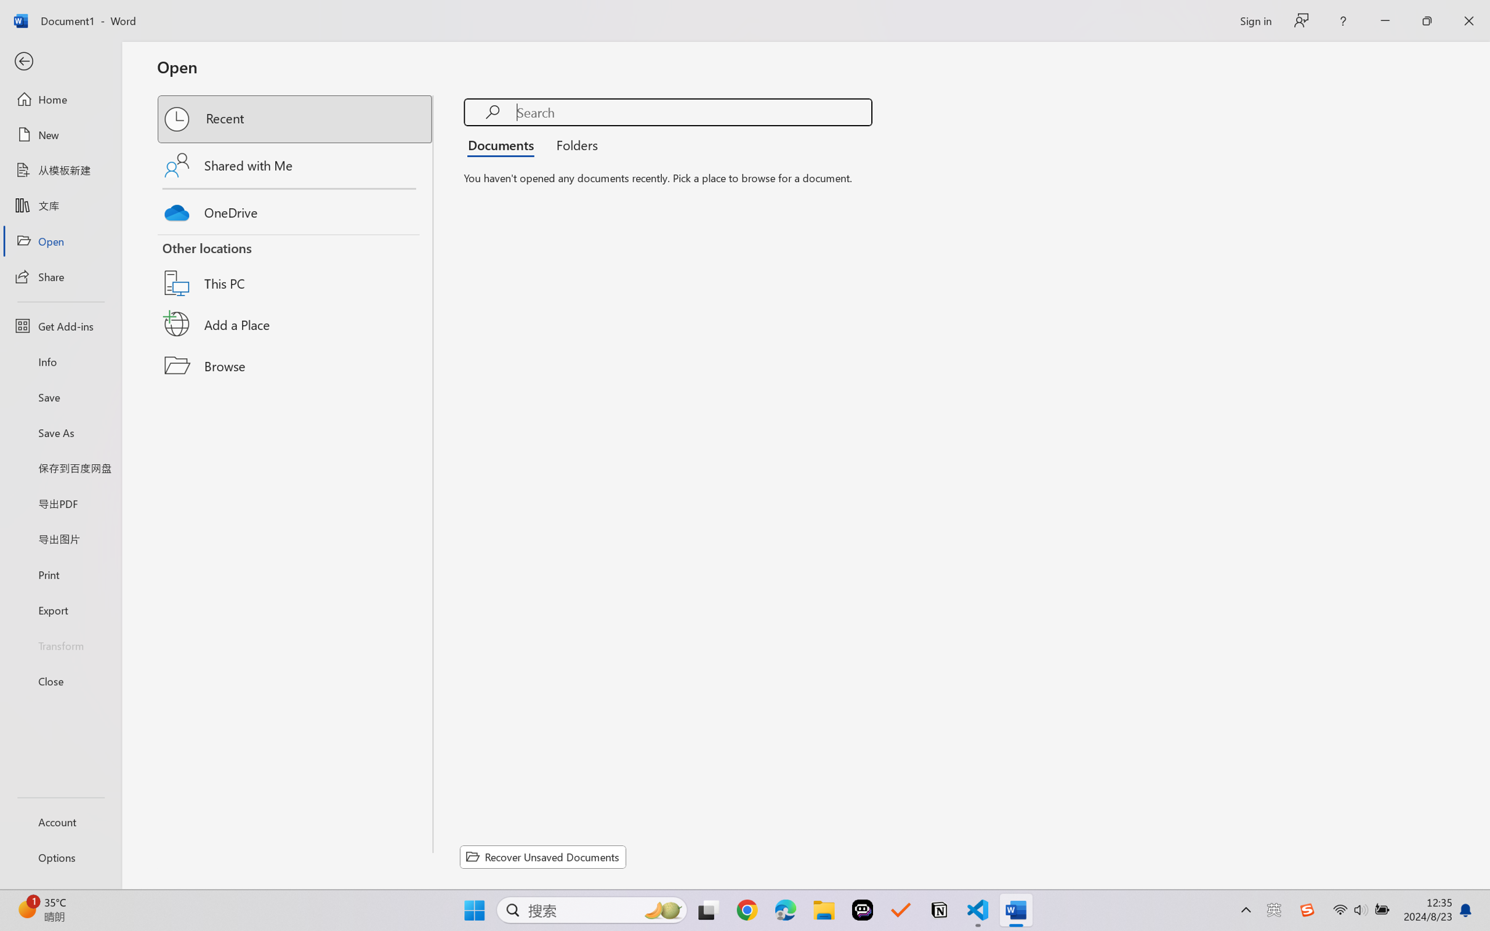 The image size is (1490, 931). What do you see at coordinates (60, 821) in the screenshot?
I see `'Account'` at bounding box center [60, 821].